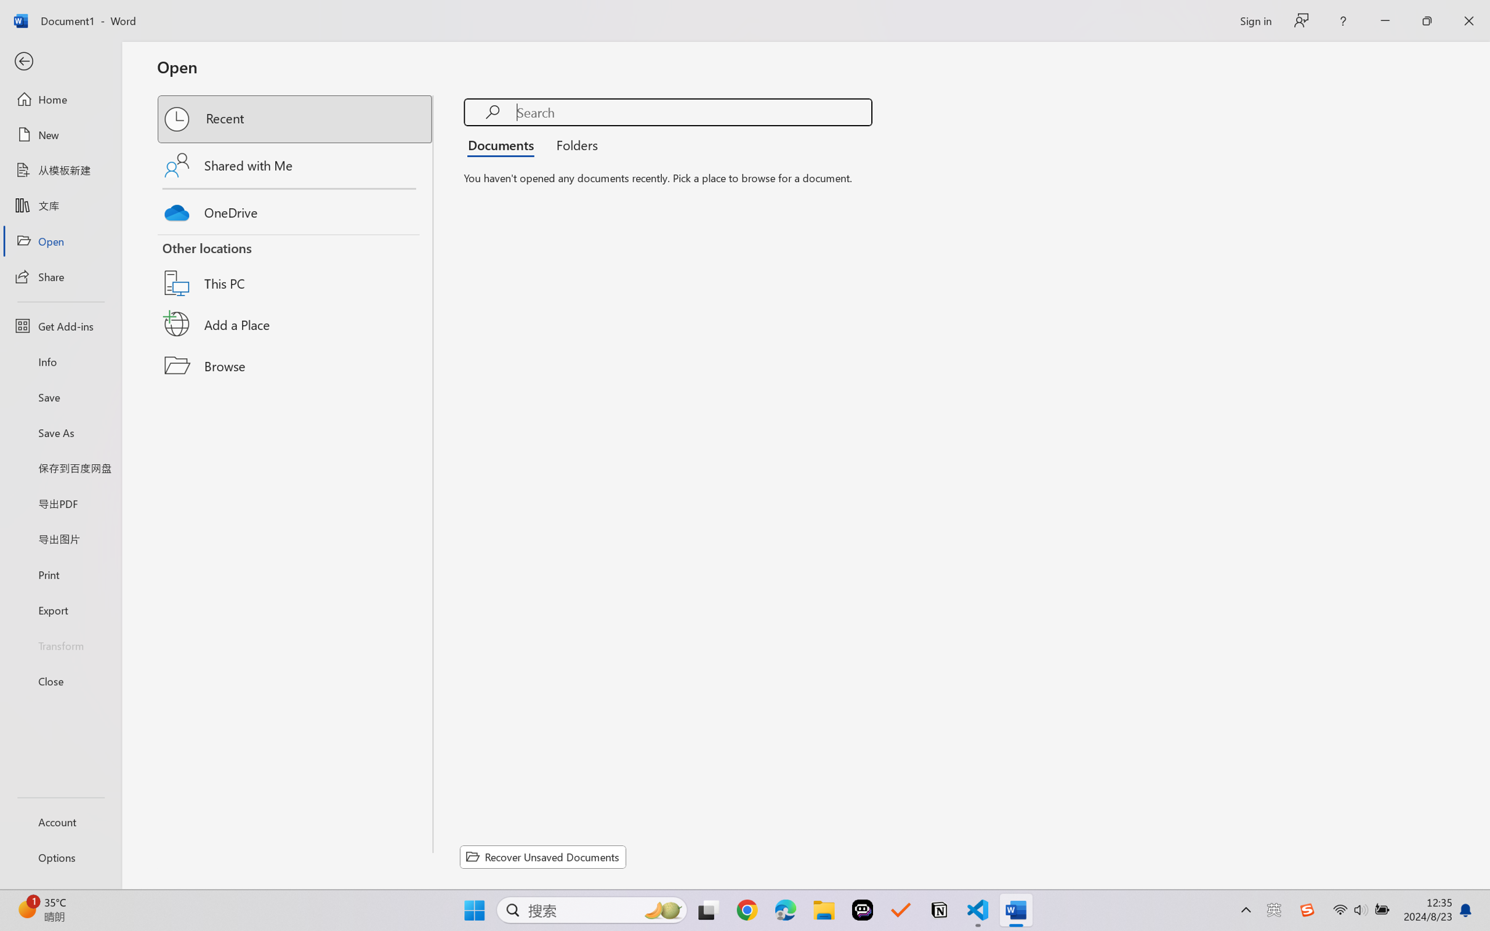 The image size is (1490, 931). What do you see at coordinates (60, 821) in the screenshot?
I see `'Account'` at bounding box center [60, 821].